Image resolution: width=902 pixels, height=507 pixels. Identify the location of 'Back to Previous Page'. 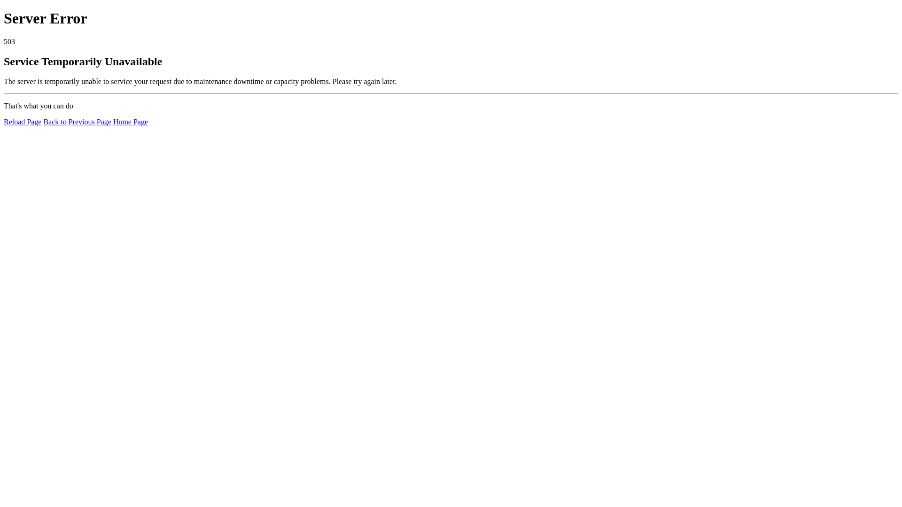
(77, 121).